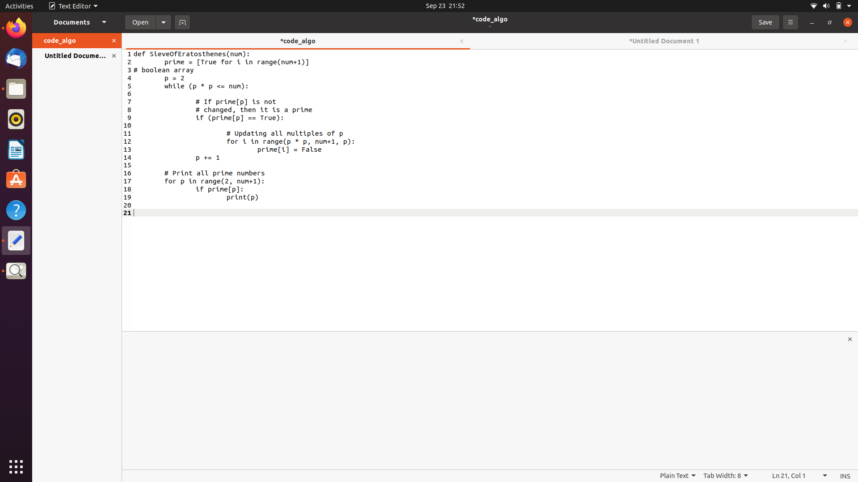 The width and height of the screenshot is (858, 482). Describe the element at coordinates (171, 70) in the screenshot. I see `Duplicate the material from code_algo and paste it into an untitled document utilizing hotkeys Ctrl+A, Ctrl+C, and Ctrl+V` at that location.